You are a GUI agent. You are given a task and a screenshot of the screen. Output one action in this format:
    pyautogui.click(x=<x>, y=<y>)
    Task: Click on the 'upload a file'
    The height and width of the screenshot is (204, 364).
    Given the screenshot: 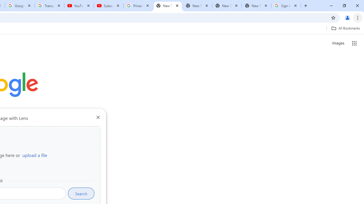 What is the action you would take?
    pyautogui.click(x=34, y=155)
    